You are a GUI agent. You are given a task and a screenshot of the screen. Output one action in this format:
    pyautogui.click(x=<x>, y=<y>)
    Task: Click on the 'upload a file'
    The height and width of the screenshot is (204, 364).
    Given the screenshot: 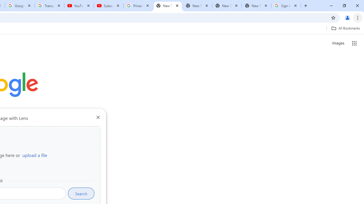 What is the action you would take?
    pyautogui.click(x=34, y=155)
    